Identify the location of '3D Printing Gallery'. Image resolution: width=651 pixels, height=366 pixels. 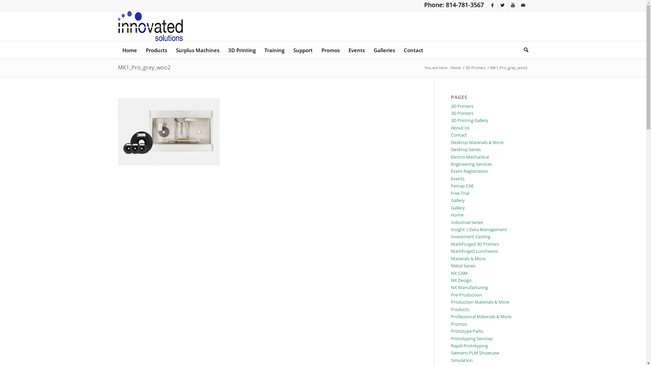
(469, 120).